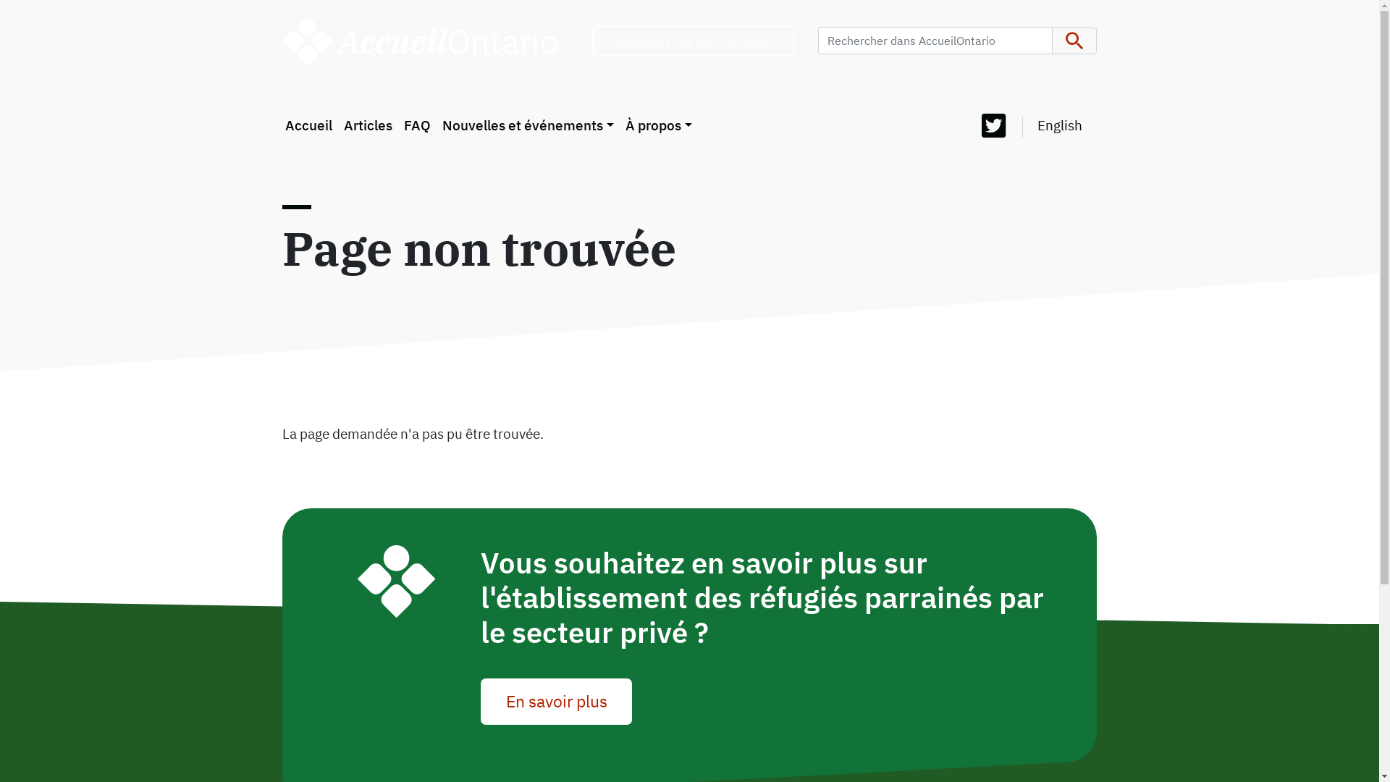  What do you see at coordinates (982, 126) in the screenshot?
I see `'Twitter'` at bounding box center [982, 126].